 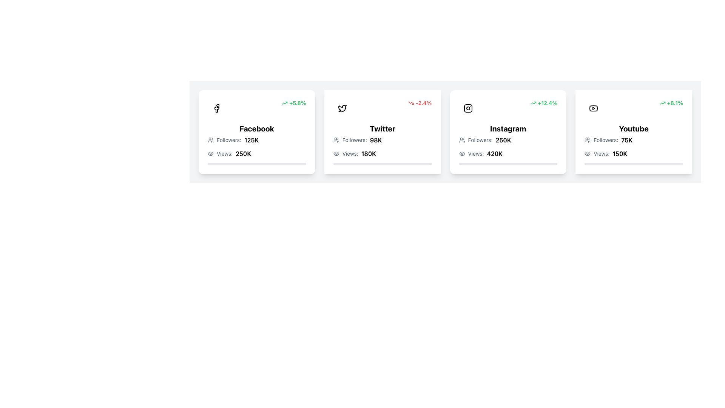 I want to click on text content of the label that identifies the card's content as related to 'Youtube', which is centrally positioned at the top-middle of the card layout, so click(x=634, y=128).